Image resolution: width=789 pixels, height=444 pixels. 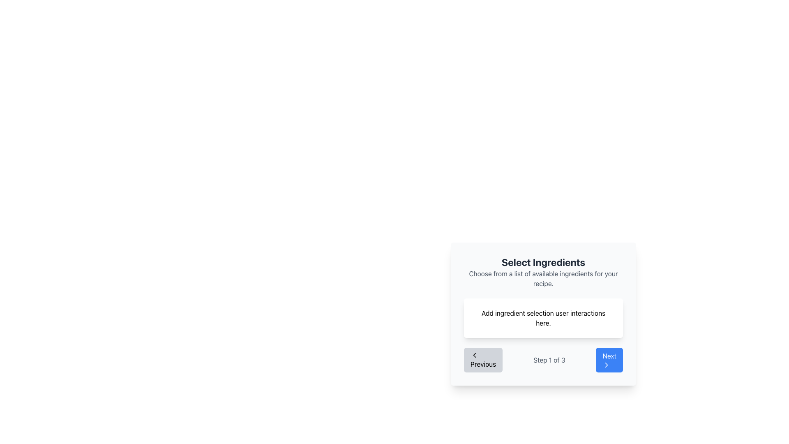 What do you see at coordinates (607, 364) in the screenshot?
I see `the chevron icon on the 'Next' button located in the bottom-right corner of the modal` at bounding box center [607, 364].